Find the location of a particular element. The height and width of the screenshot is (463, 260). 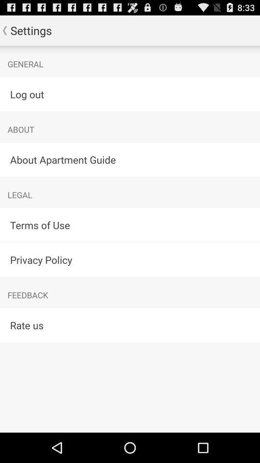

privacy policy item is located at coordinates (130, 259).